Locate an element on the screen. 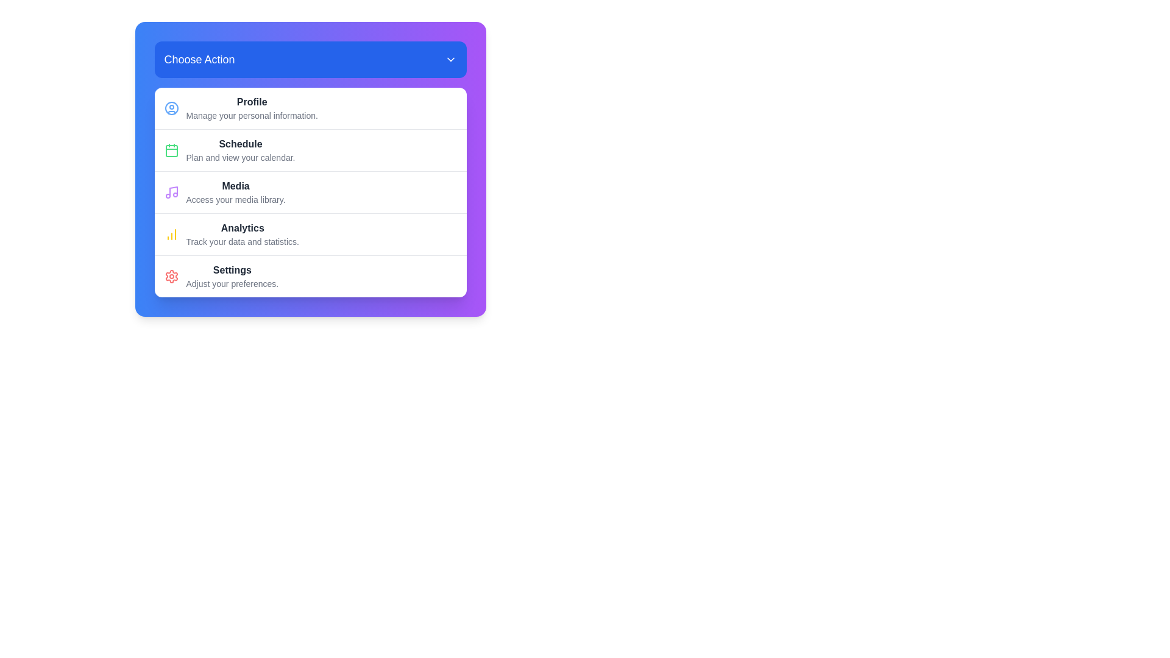 The image size is (1170, 658). the 'Profile' list item element, which is the first item in a list with a user icon and a description below it is located at coordinates (310, 107).